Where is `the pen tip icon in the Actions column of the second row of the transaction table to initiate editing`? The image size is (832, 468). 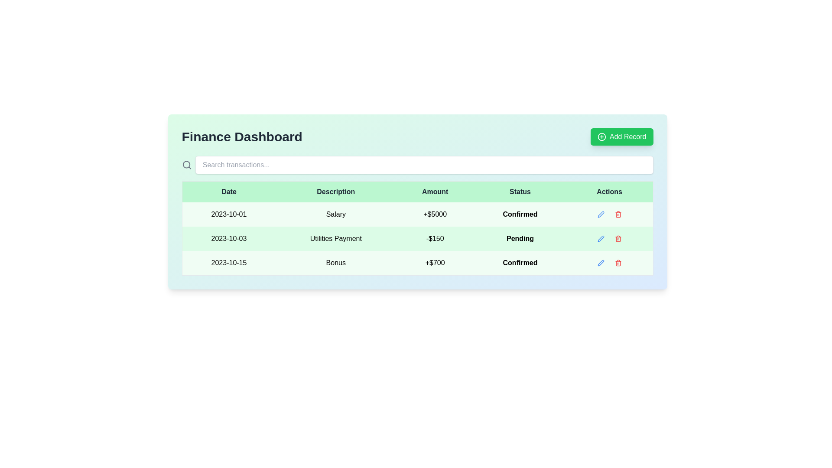
the pen tip icon in the Actions column of the second row of the transaction table to initiate editing is located at coordinates (600, 239).